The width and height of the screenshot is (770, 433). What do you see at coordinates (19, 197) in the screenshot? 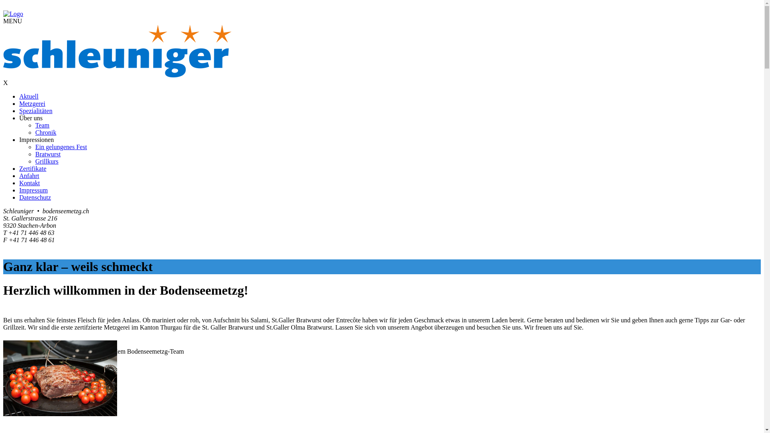
I see `'Datenschutz'` at bounding box center [19, 197].